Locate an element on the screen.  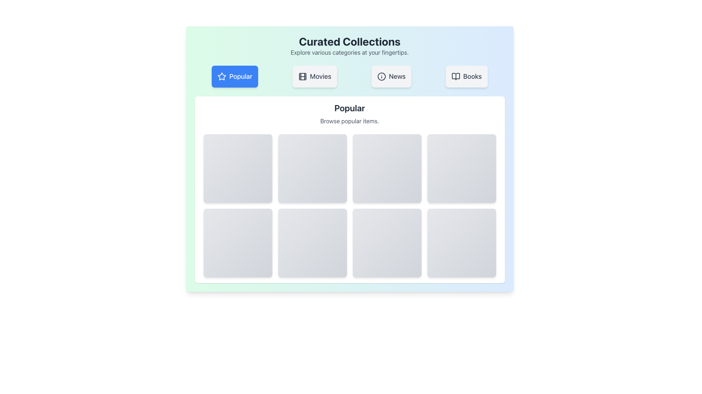
the 'Movies' icon located in the horizontal navigation bar under 'Curated Collections' is located at coordinates (302, 76).